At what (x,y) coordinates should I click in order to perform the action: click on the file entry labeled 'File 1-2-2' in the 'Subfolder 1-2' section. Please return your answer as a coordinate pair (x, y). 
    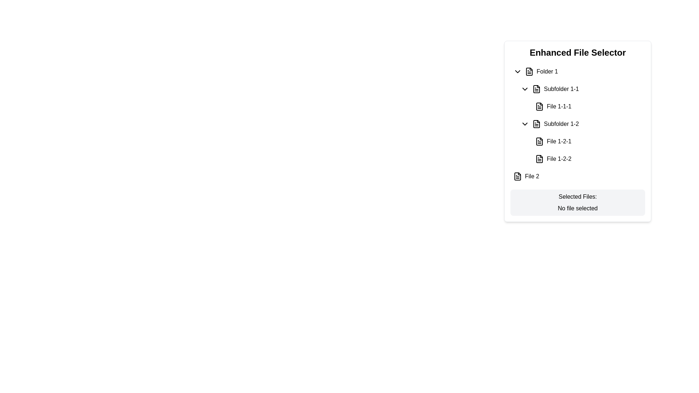
    Looking at the image, I should click on (581, 158).